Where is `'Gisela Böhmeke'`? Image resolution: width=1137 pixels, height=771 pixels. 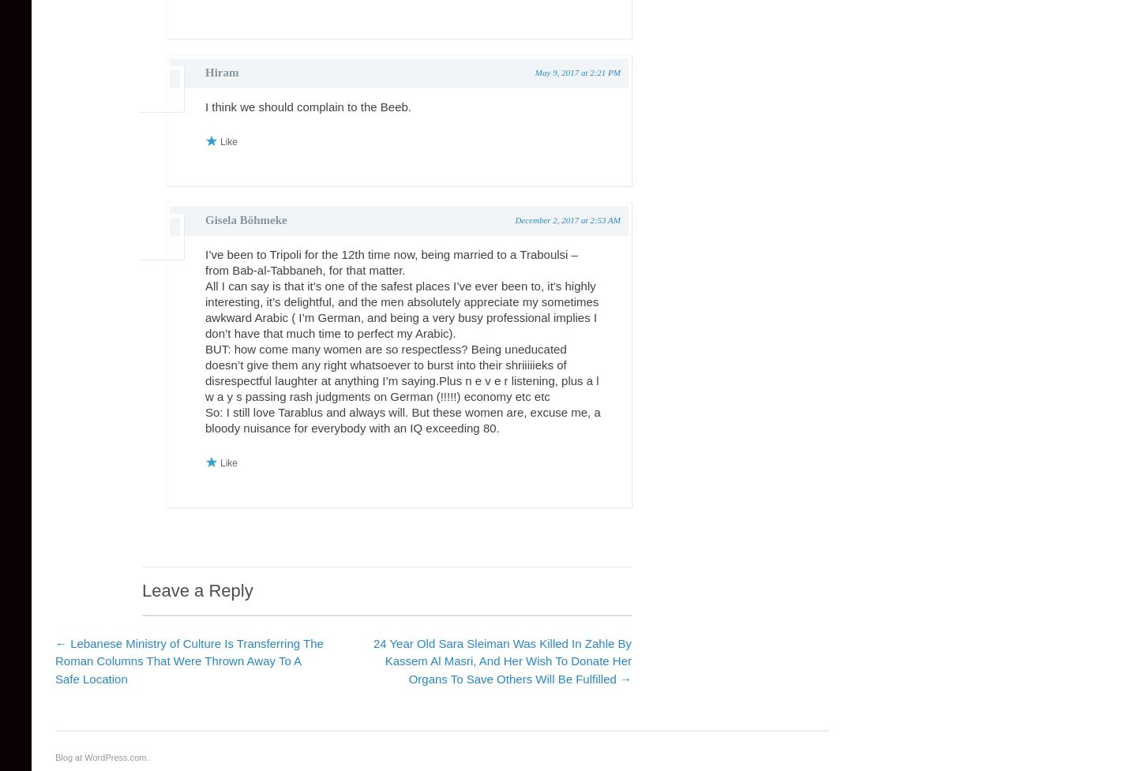
'Gisela Böhmeke' is located at coordinates (246, 219).